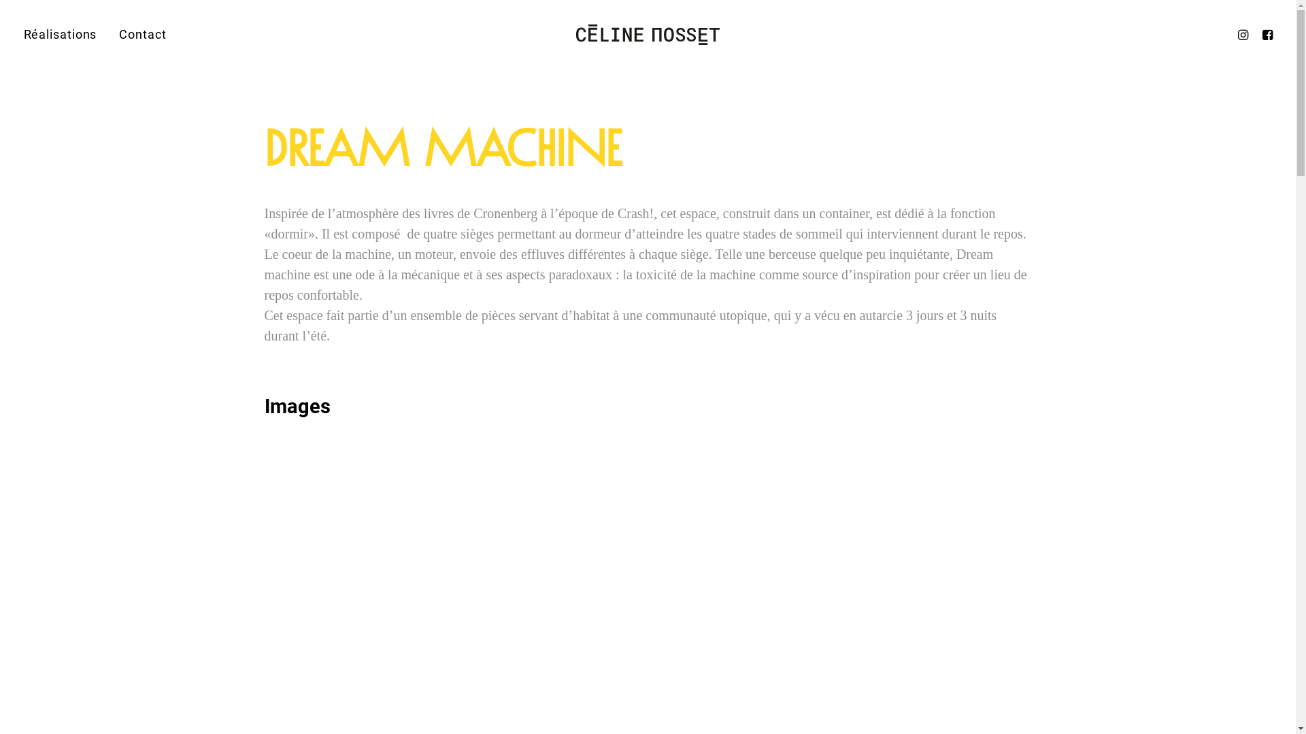 The image size is (1306, 734). Describe the element at coordinates (137, 33) in the screenshot. I see `'Contact'` at that location.